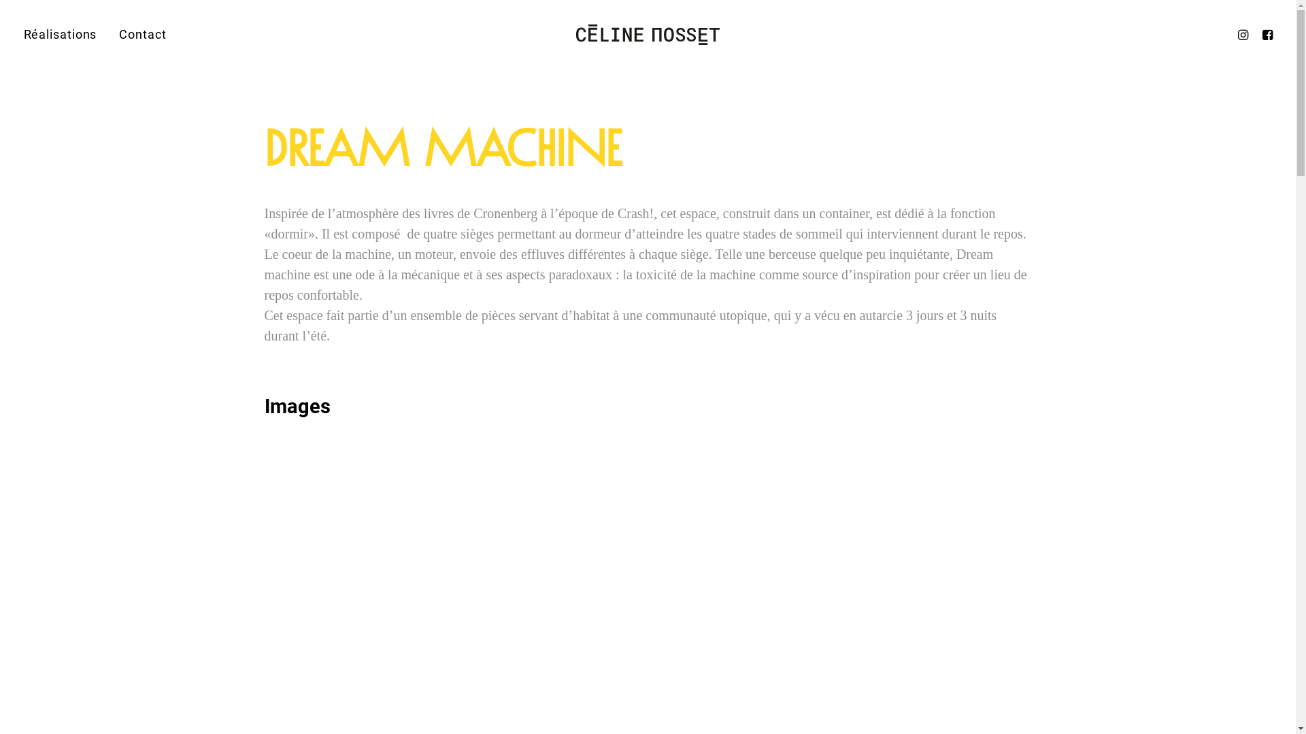 The image size is (1306, 734). Describe the element at coordinates (137, 33) in the screenshot. I see `'Contact'` at that location.